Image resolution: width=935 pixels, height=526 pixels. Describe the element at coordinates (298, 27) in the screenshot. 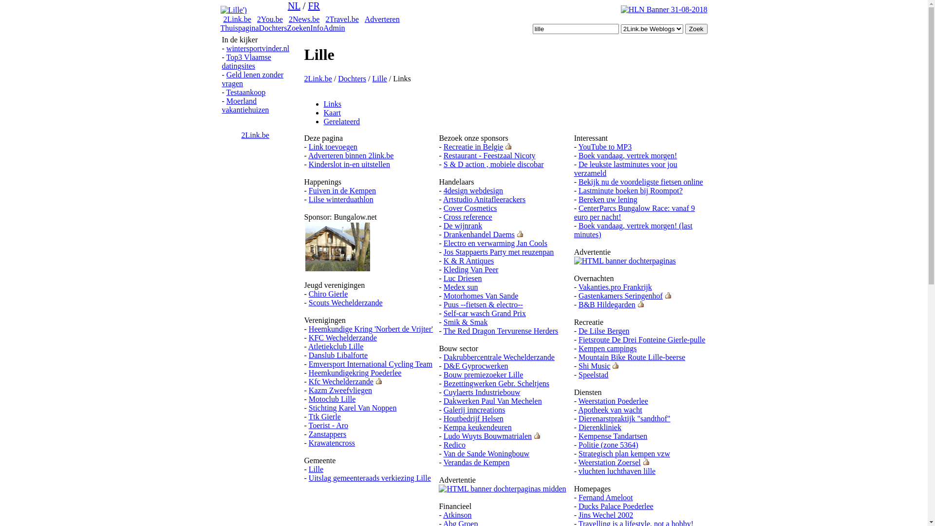

I see `'Zoeken'` at that location.